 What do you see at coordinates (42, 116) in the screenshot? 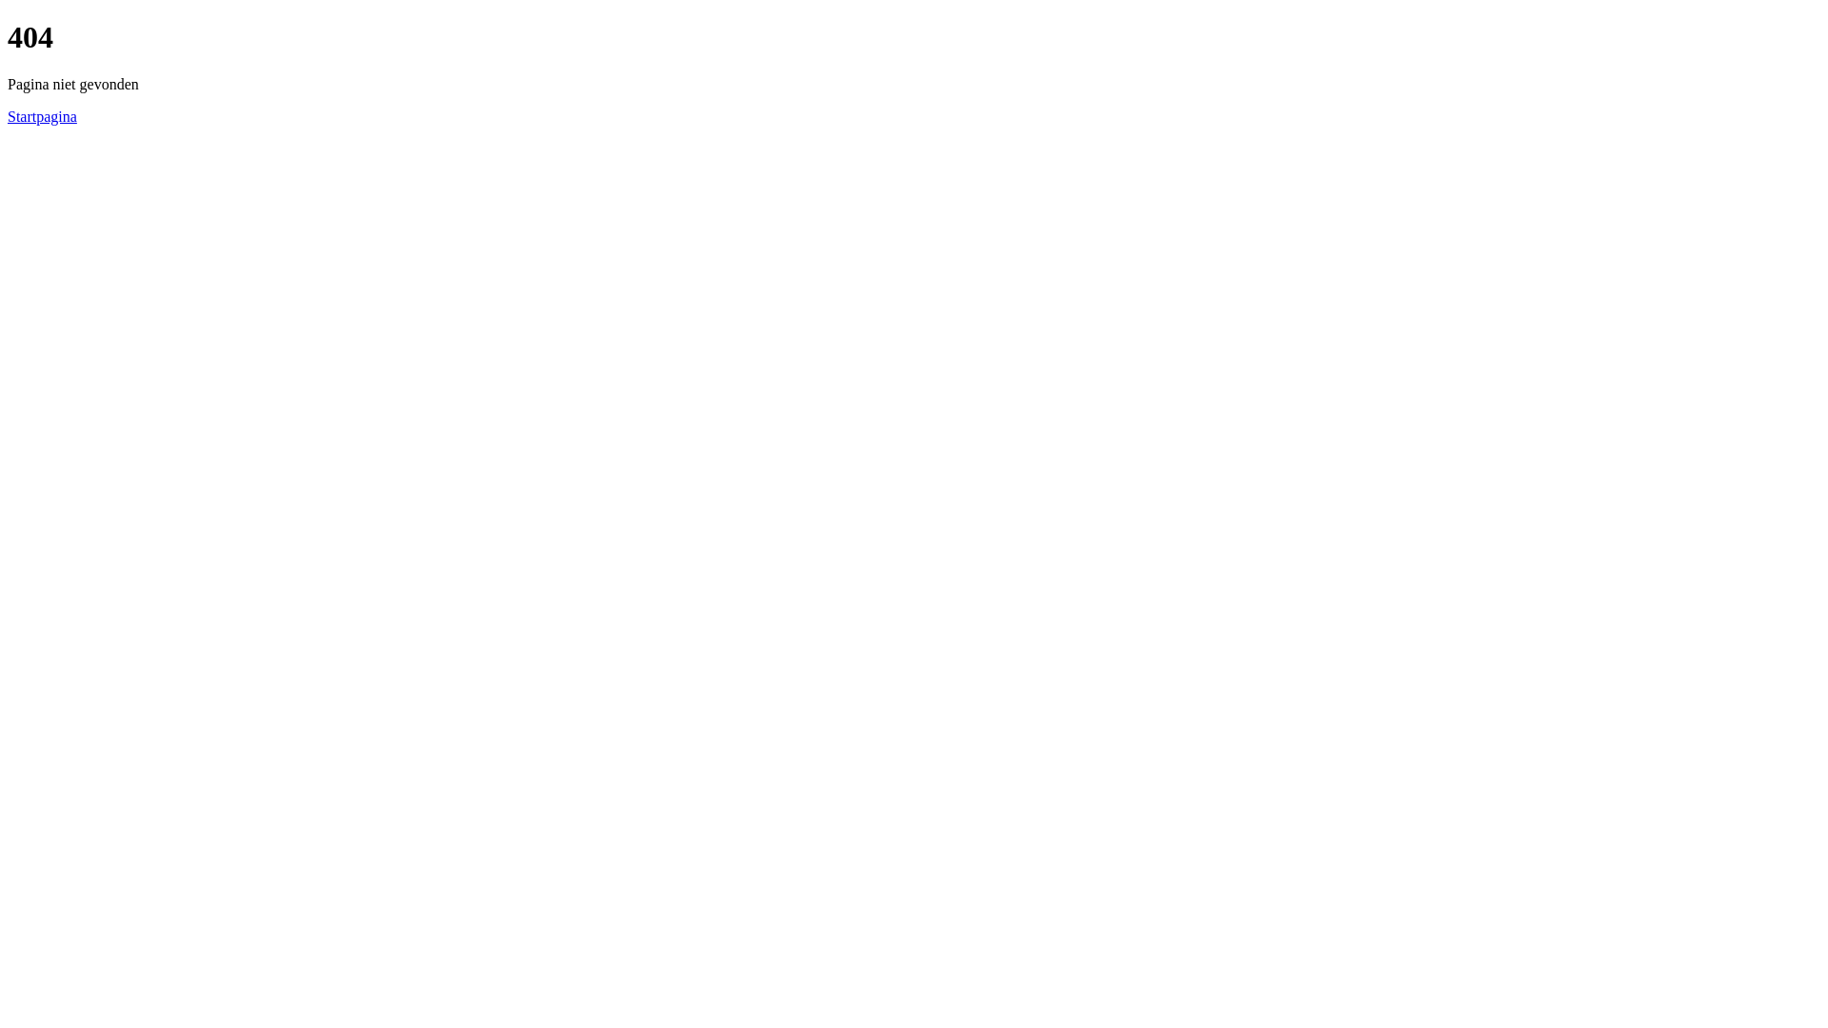
I see `'Startpagina'` at bounding box center [42, 116].